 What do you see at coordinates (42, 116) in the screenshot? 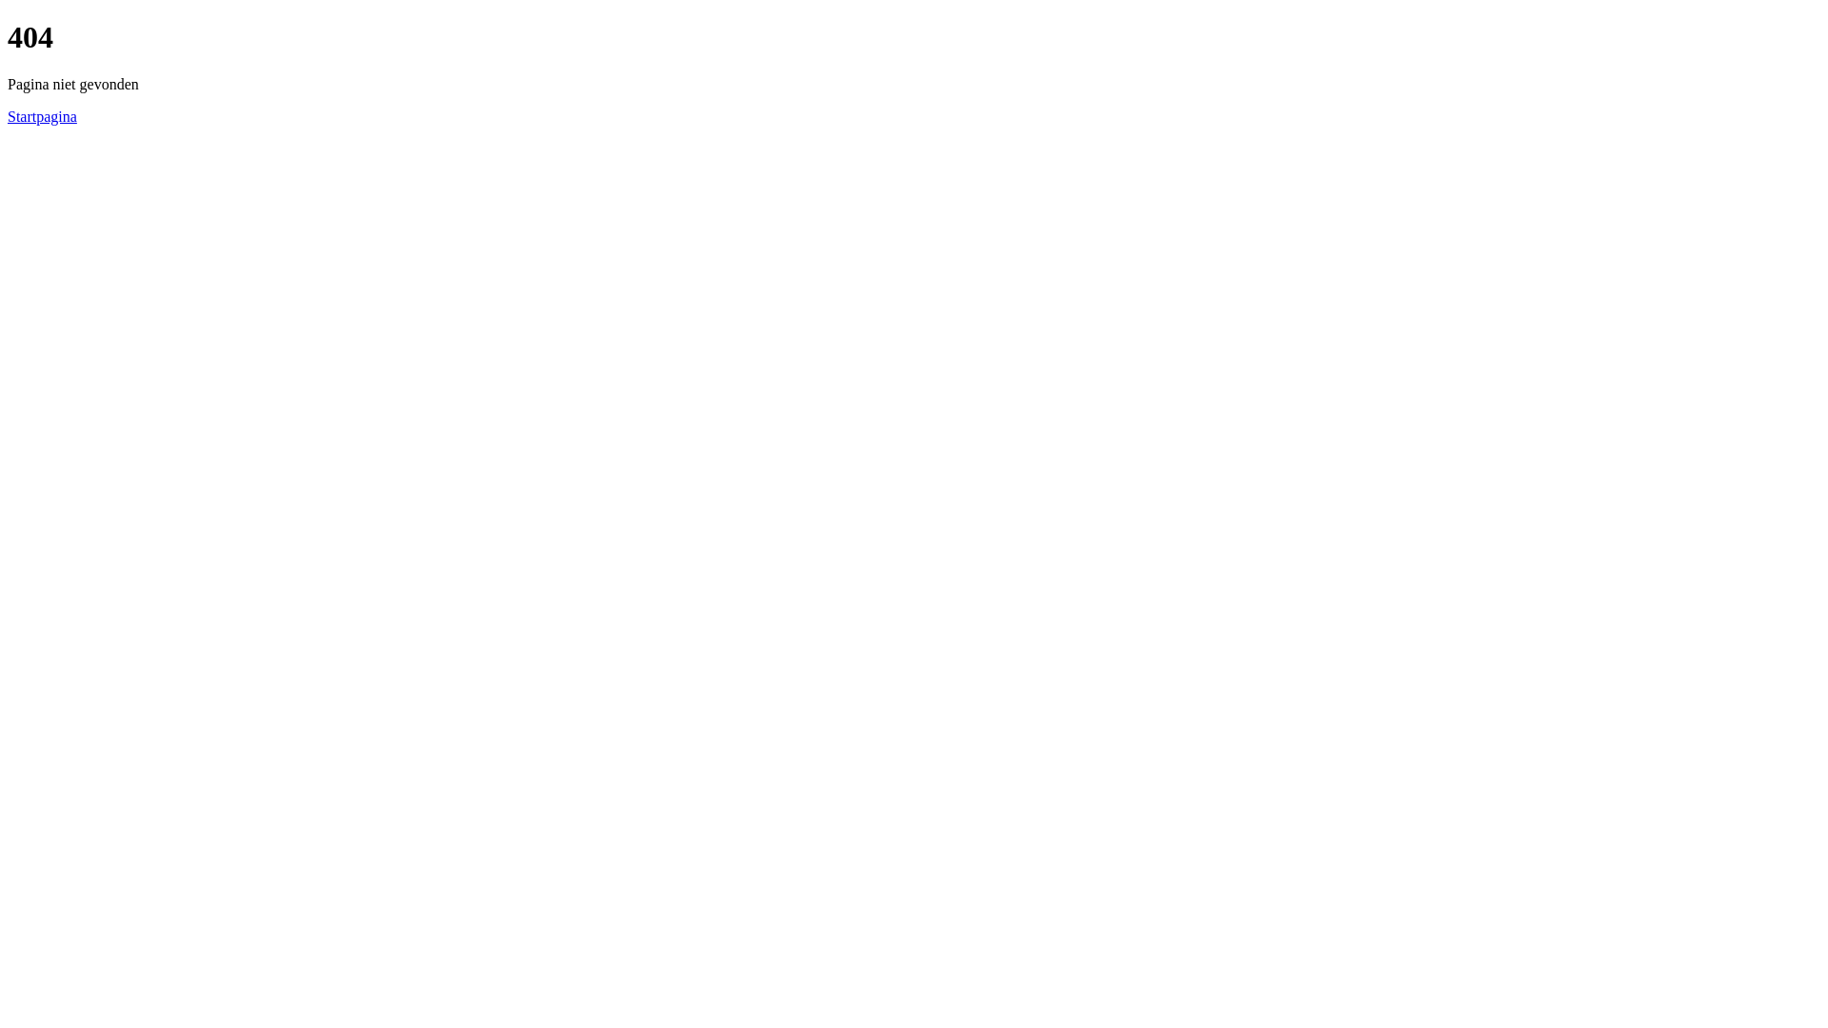
I see `'Startpagina'` at bounding box center [42, 116].